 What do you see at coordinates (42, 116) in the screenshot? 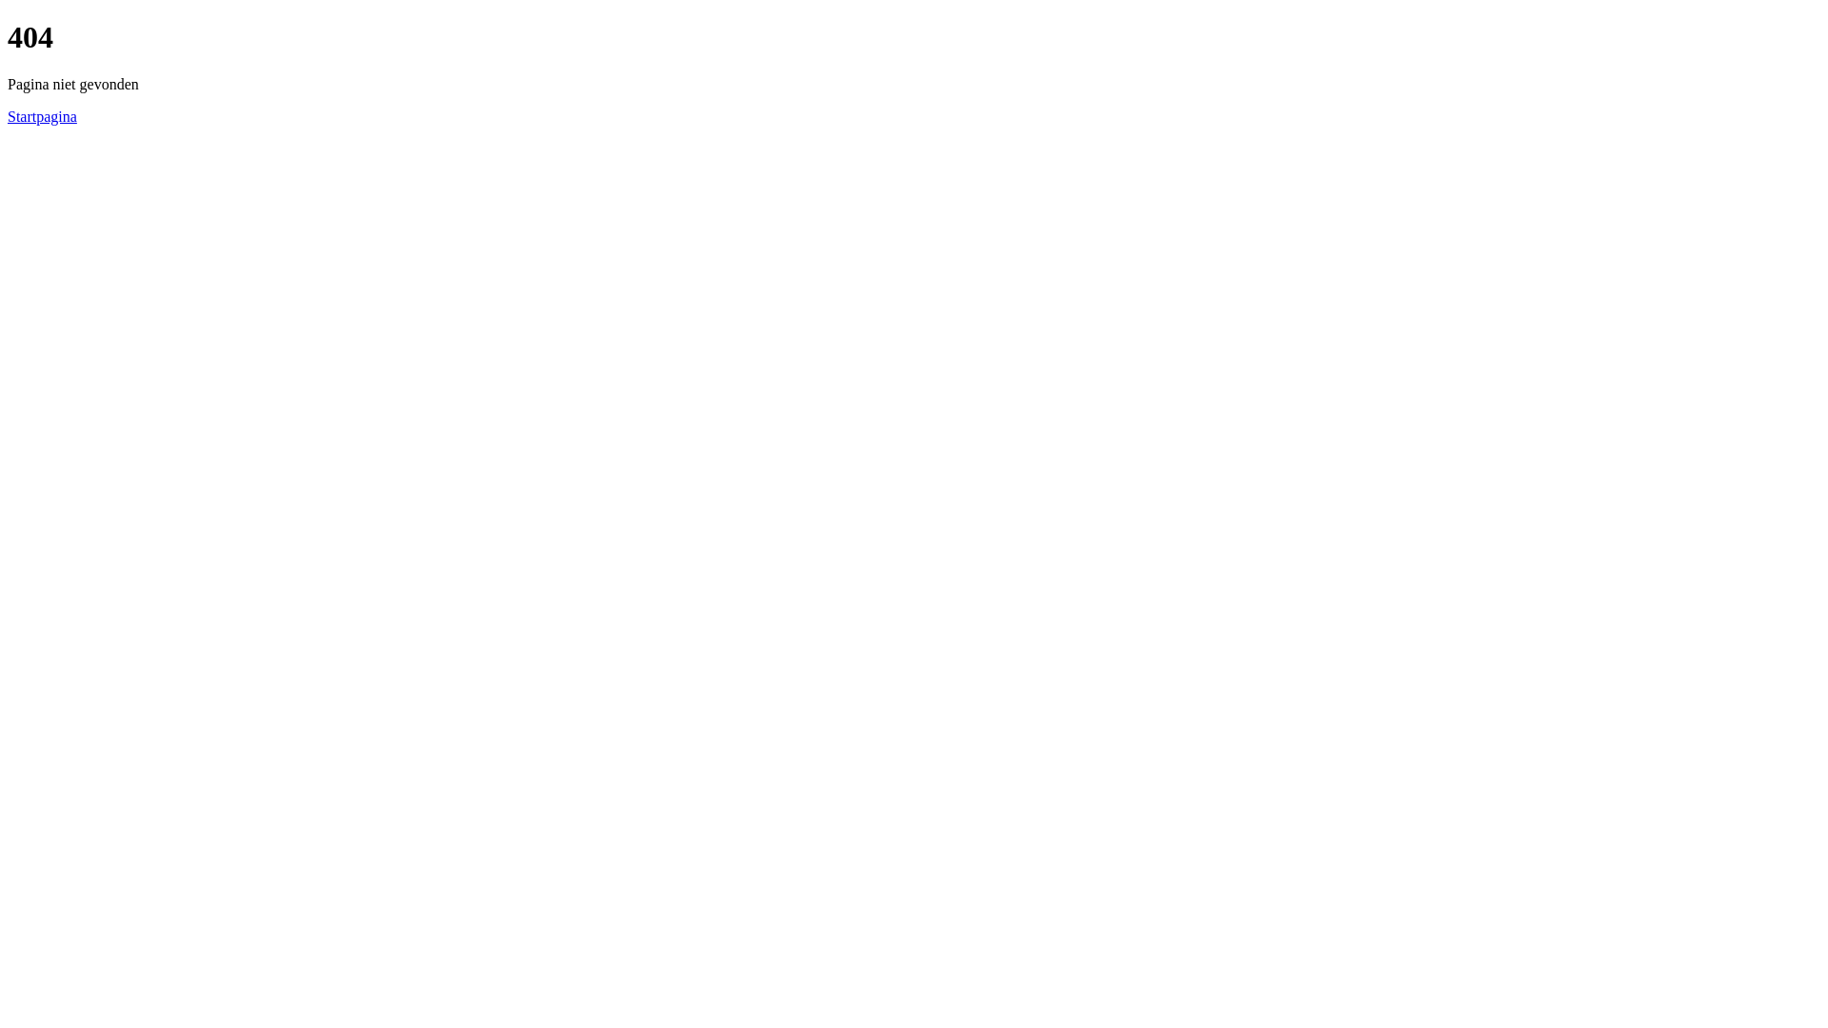
I see `'Startpagina'` at bounding box center [42, 116].